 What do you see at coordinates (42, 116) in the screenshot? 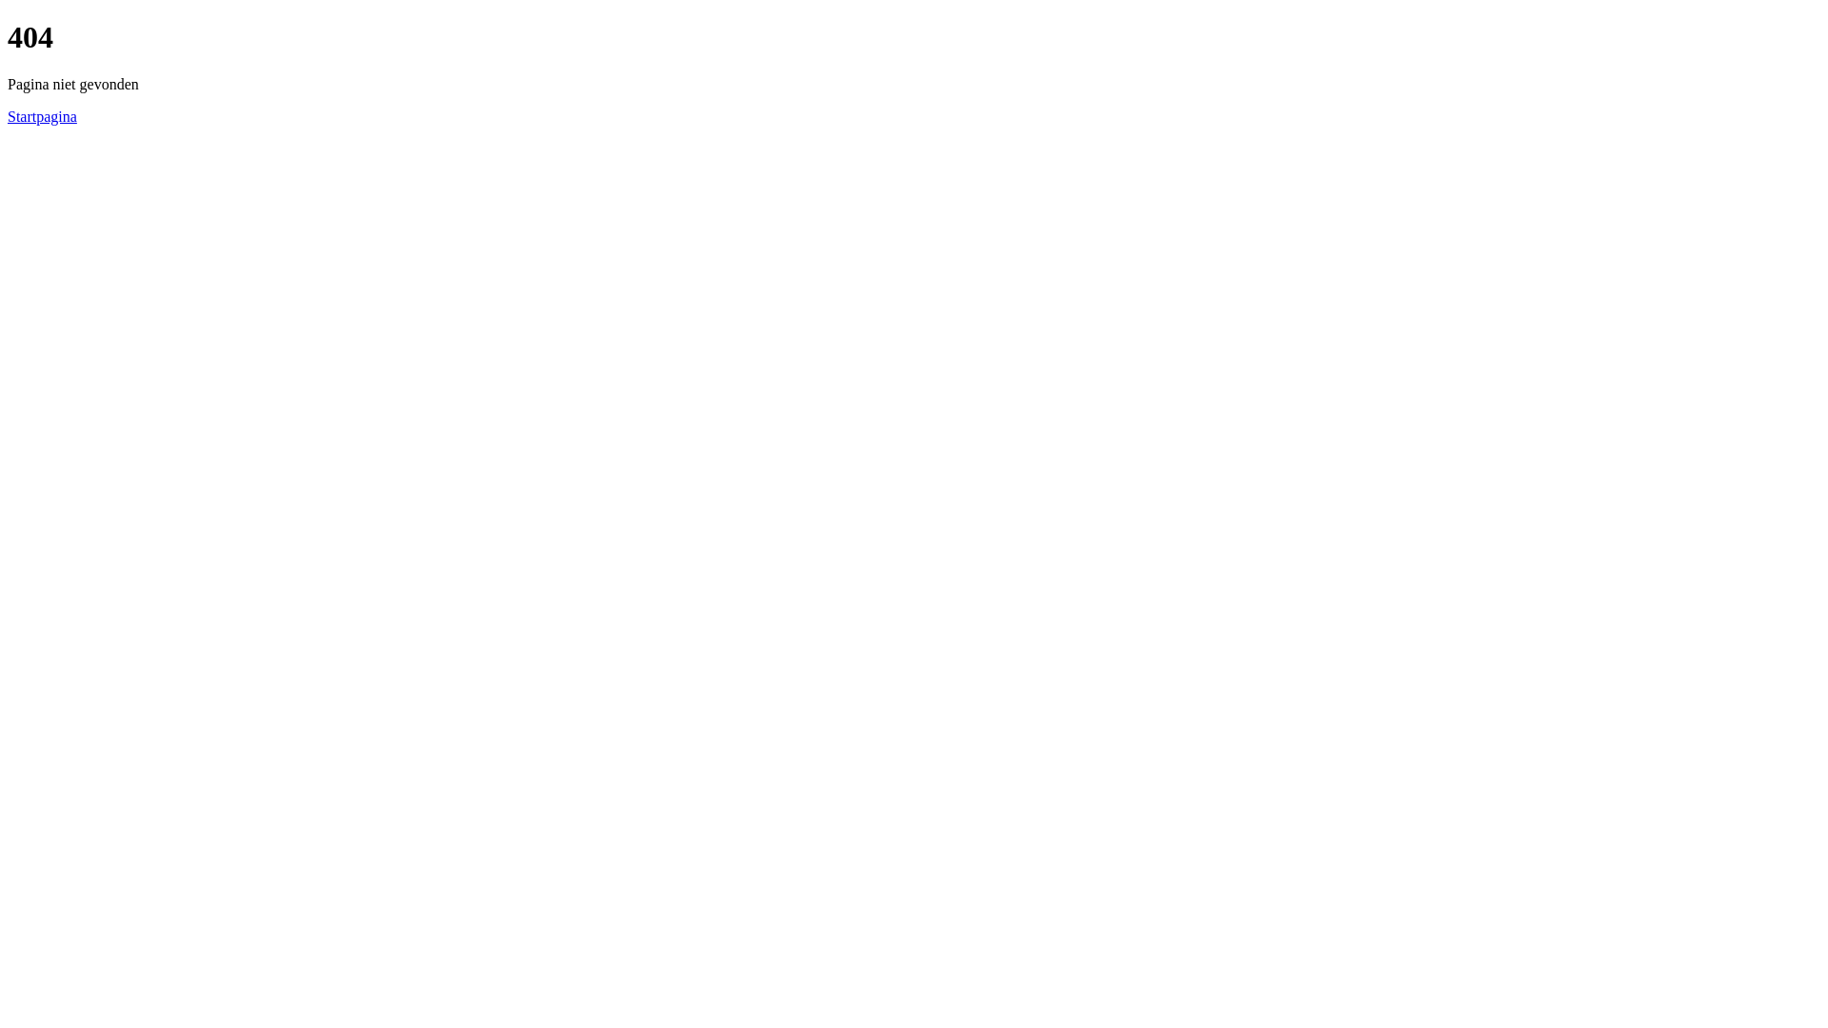
I see `'Startpagina'` at bounding box center [42, 116].